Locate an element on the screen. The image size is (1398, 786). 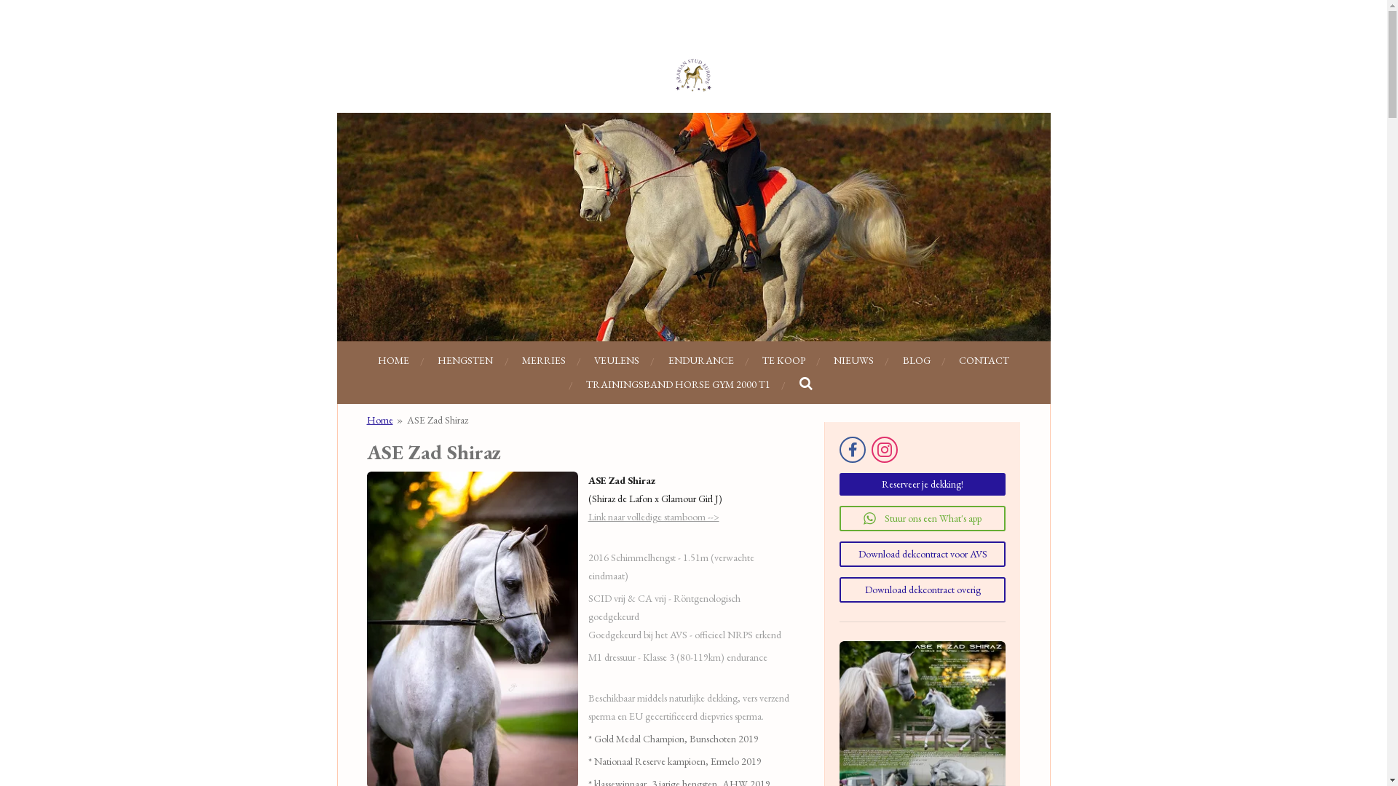
'ENDURANCE' is located at coordinates (700, 360).